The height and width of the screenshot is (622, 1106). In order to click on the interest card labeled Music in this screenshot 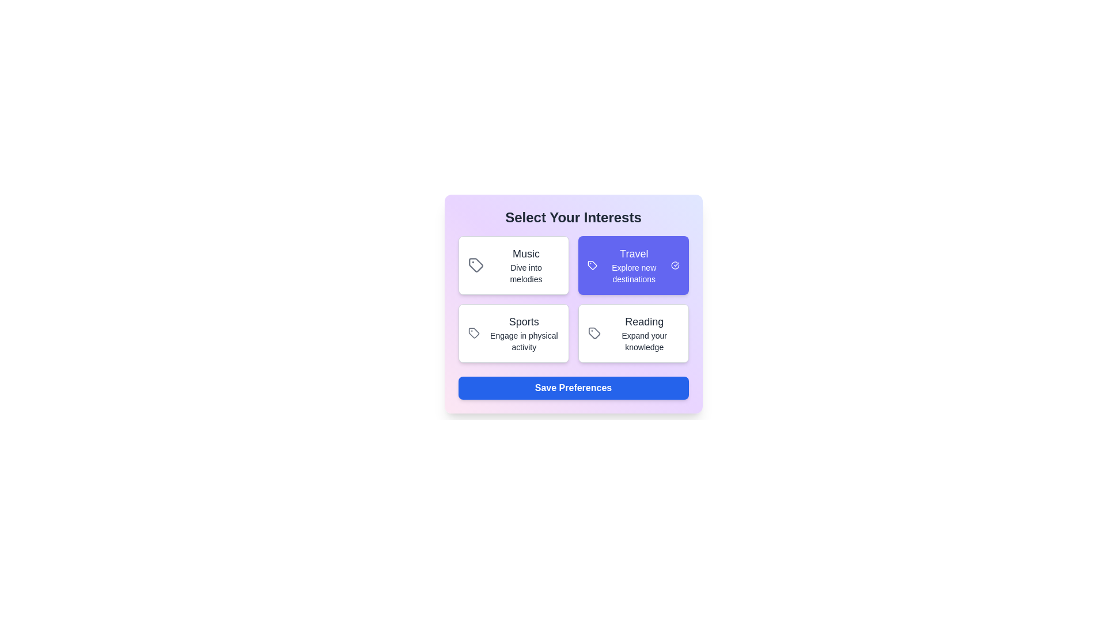, I will do `click(513, 266)`.